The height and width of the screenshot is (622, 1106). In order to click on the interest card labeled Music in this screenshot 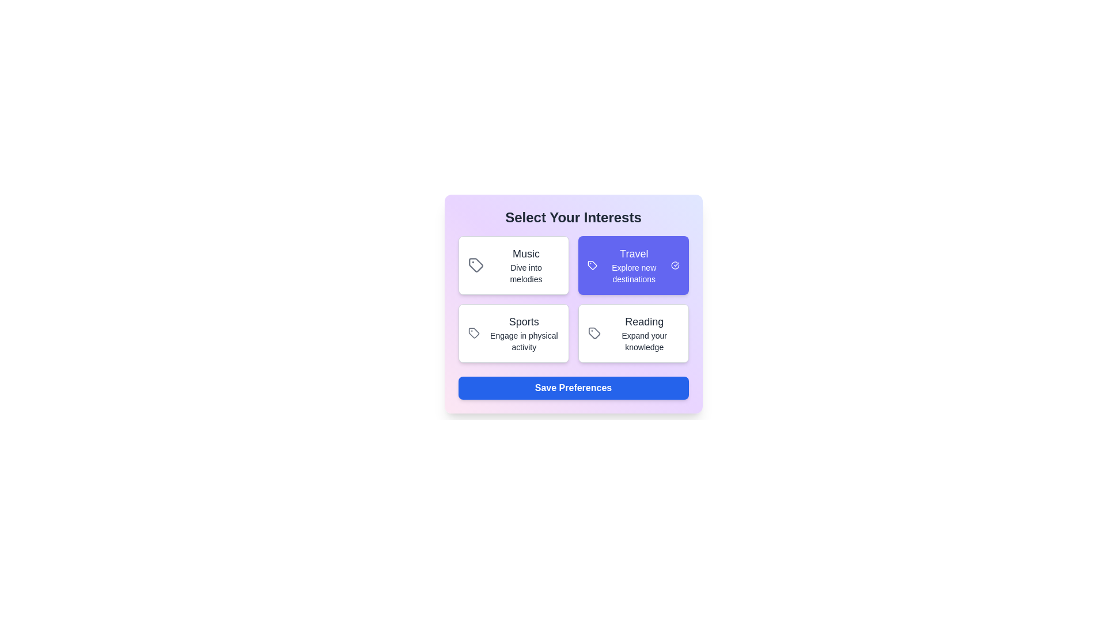, I will do `click(513, 266)`.